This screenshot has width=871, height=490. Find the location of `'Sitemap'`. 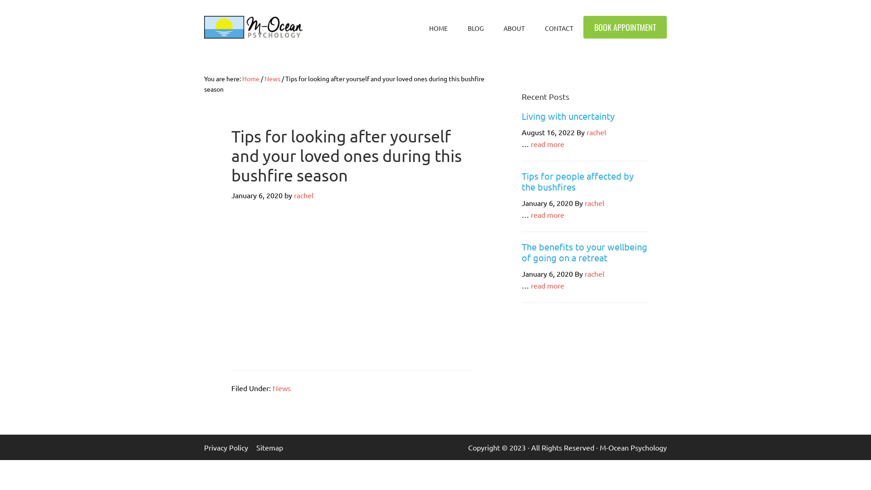

'Sitemap' is located at coordinates (273, 447).